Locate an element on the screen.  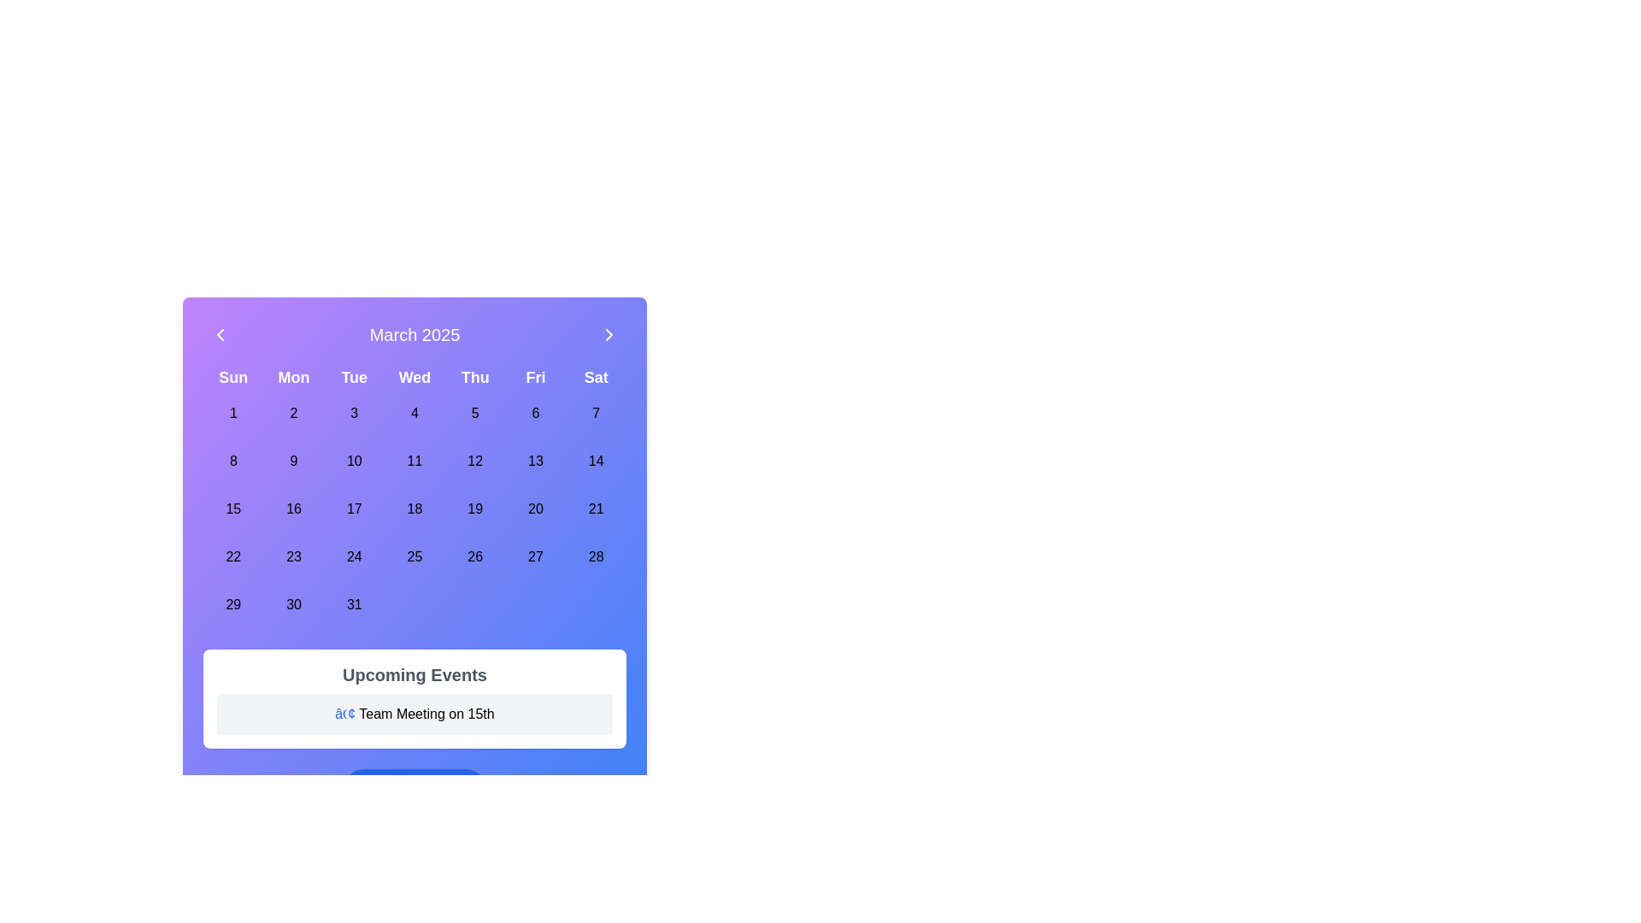
the rounded button labeled '24' located in the calendar grid for March 2025 under 'Tue' in the fifth row, fourth column is located at coordinates (353, 556).